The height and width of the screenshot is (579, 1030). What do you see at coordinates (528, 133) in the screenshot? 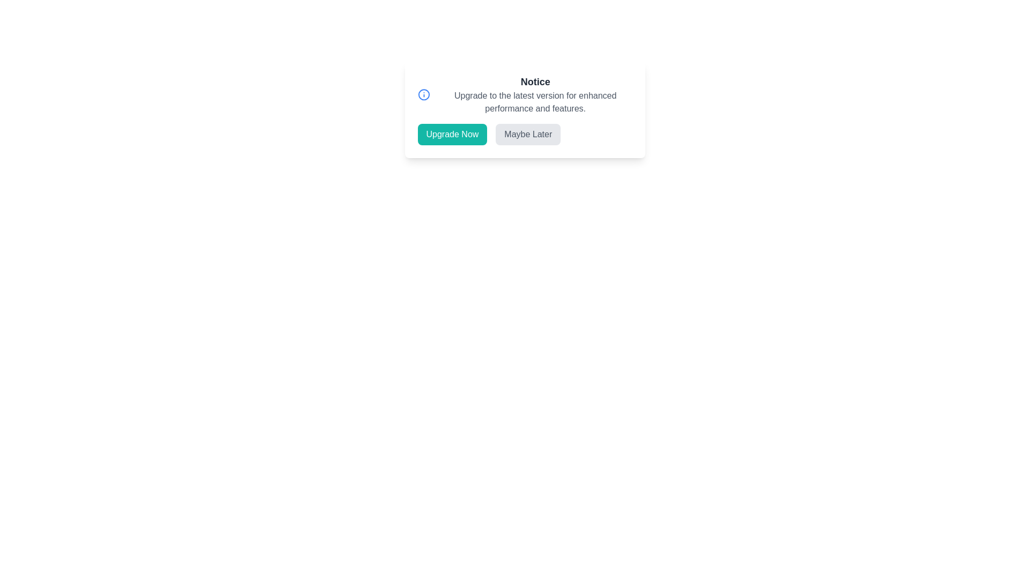
I see `the 'Maybe Later' button` at bounding box center [528, 133].